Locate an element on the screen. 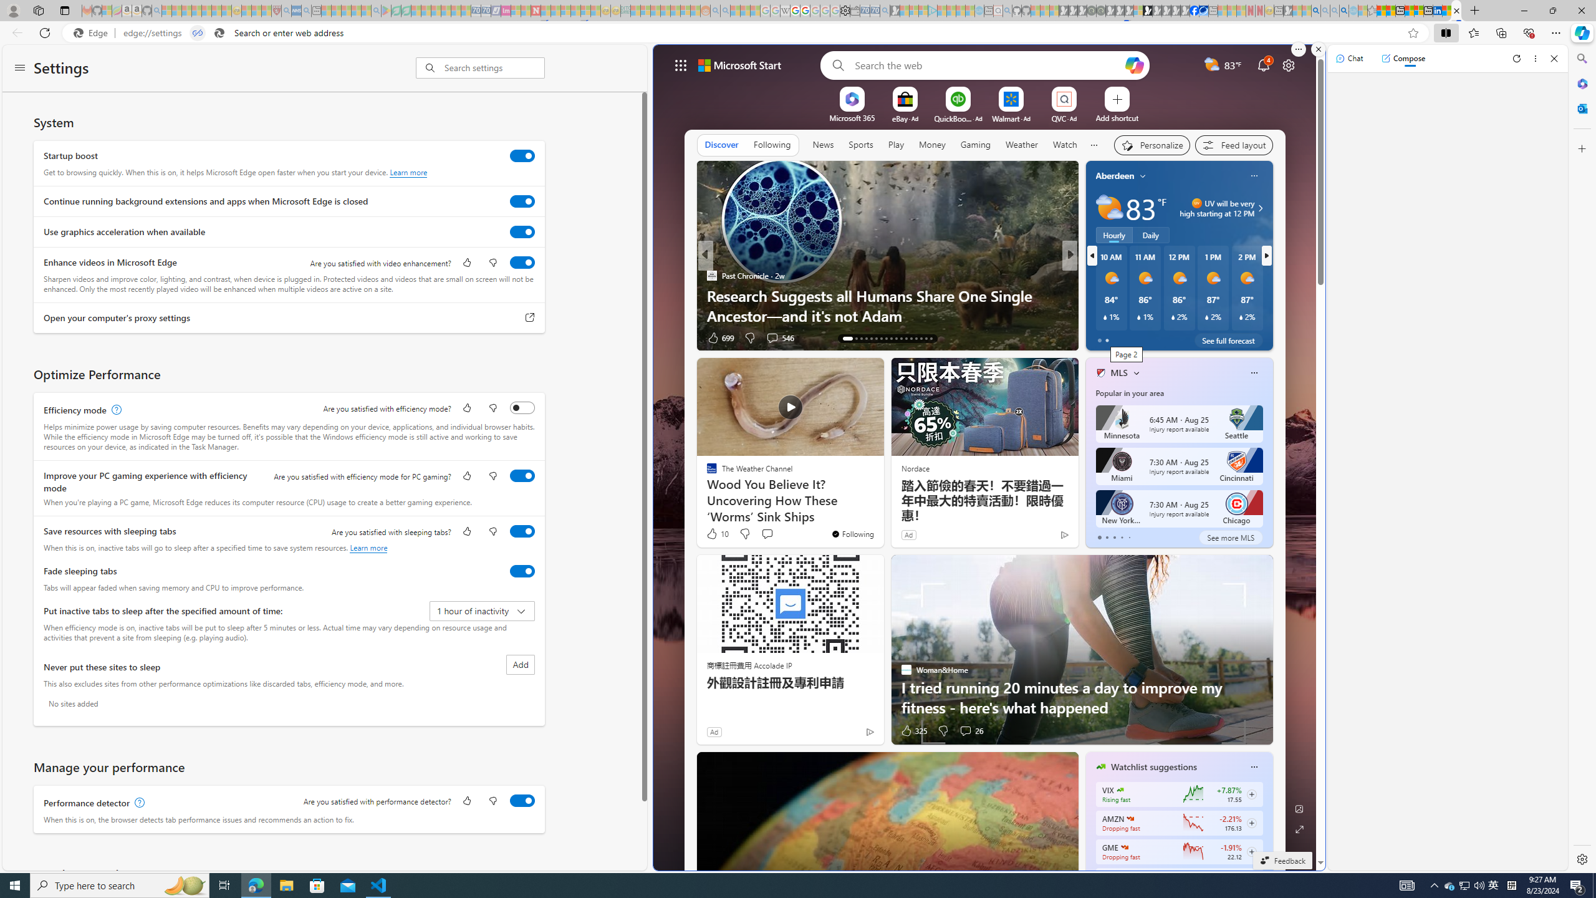 The image size is (1596, 898). 'MSN - Sleeping' is located at coordinates (1287, 10).